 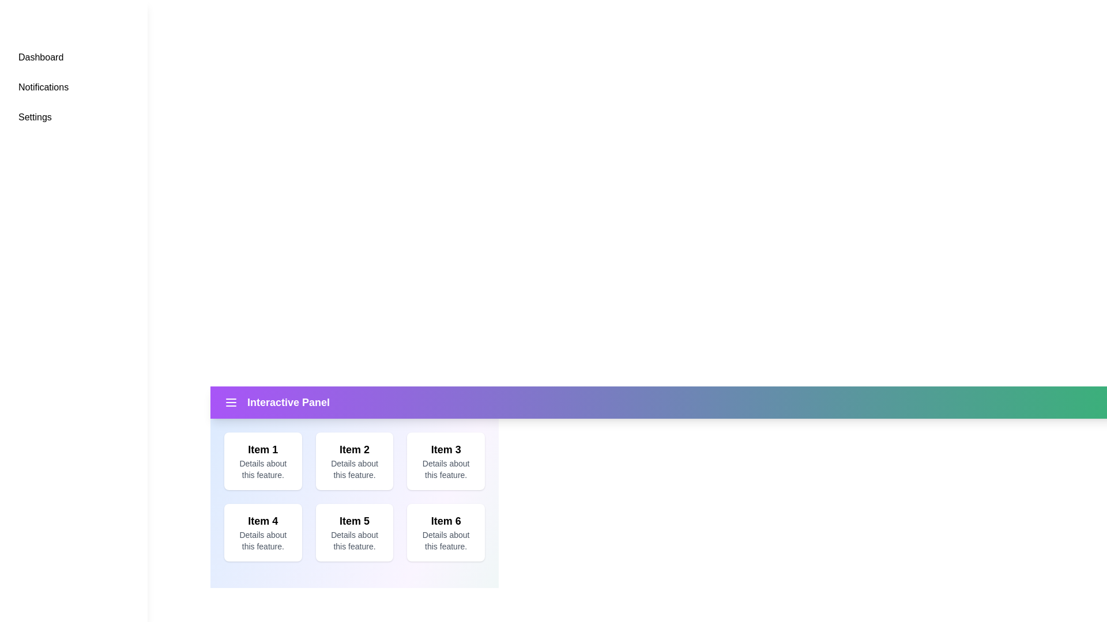 I want to click on the first static informational card in the grid, which presents information about a feature or option, located under the 'Interactive Panel' heading, so click(x=262, y=461).